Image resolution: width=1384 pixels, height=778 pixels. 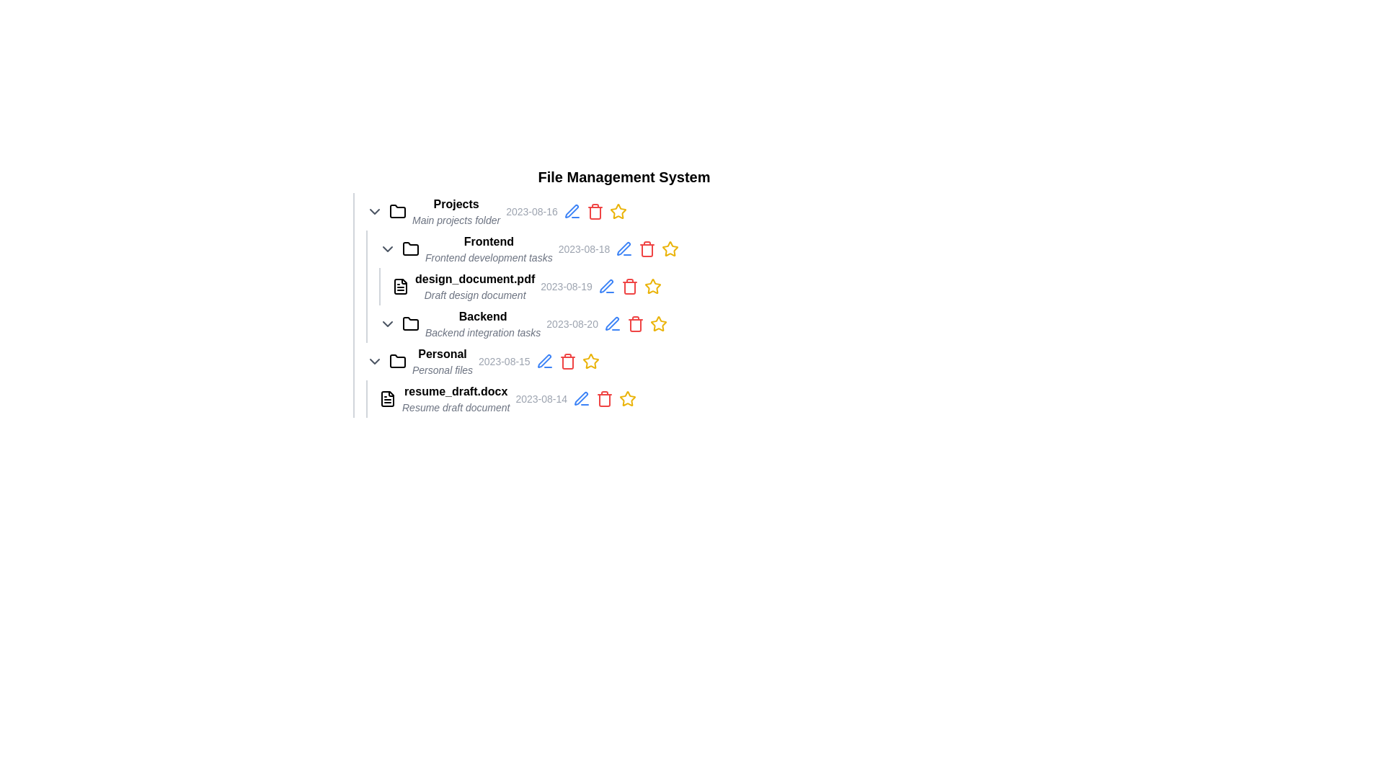 I want to click on the 'Frontend' text label, which displays 'Frontend' in bold and 'Frontend development tasks' in smaller italic gray font, so click(x=489, y=249).